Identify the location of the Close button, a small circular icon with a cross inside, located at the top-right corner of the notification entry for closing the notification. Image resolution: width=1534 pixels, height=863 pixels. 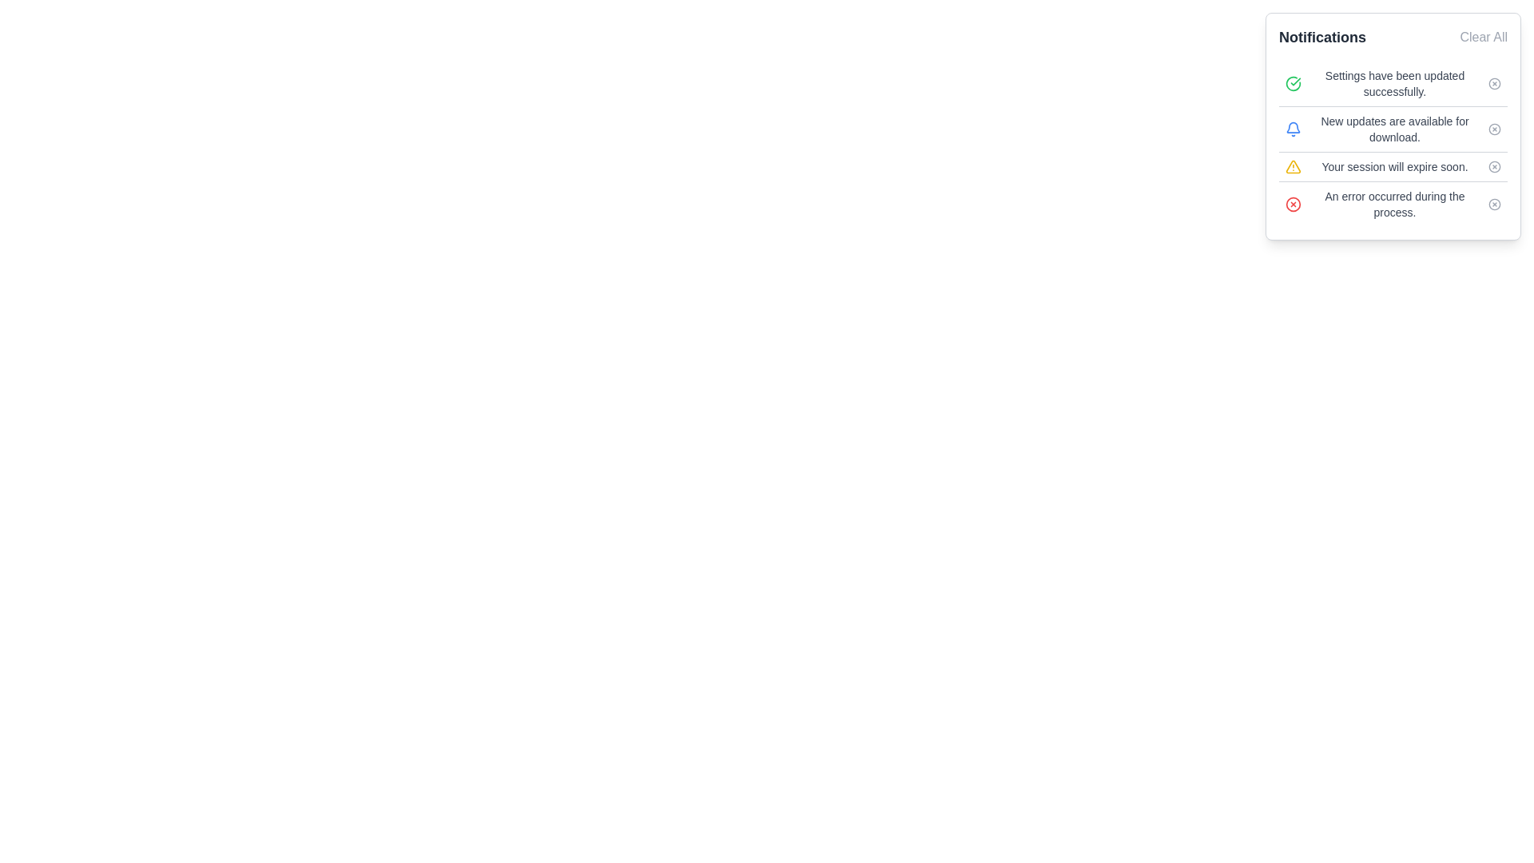
(1494, 129).